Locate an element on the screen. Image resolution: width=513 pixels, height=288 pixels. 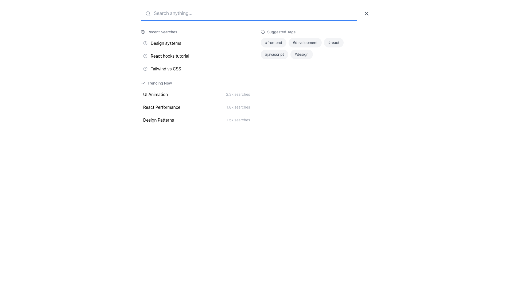
the clock icon located to the left of the text 'Recent Searches' in the top section of the left column is located at coordinates (143, 32).